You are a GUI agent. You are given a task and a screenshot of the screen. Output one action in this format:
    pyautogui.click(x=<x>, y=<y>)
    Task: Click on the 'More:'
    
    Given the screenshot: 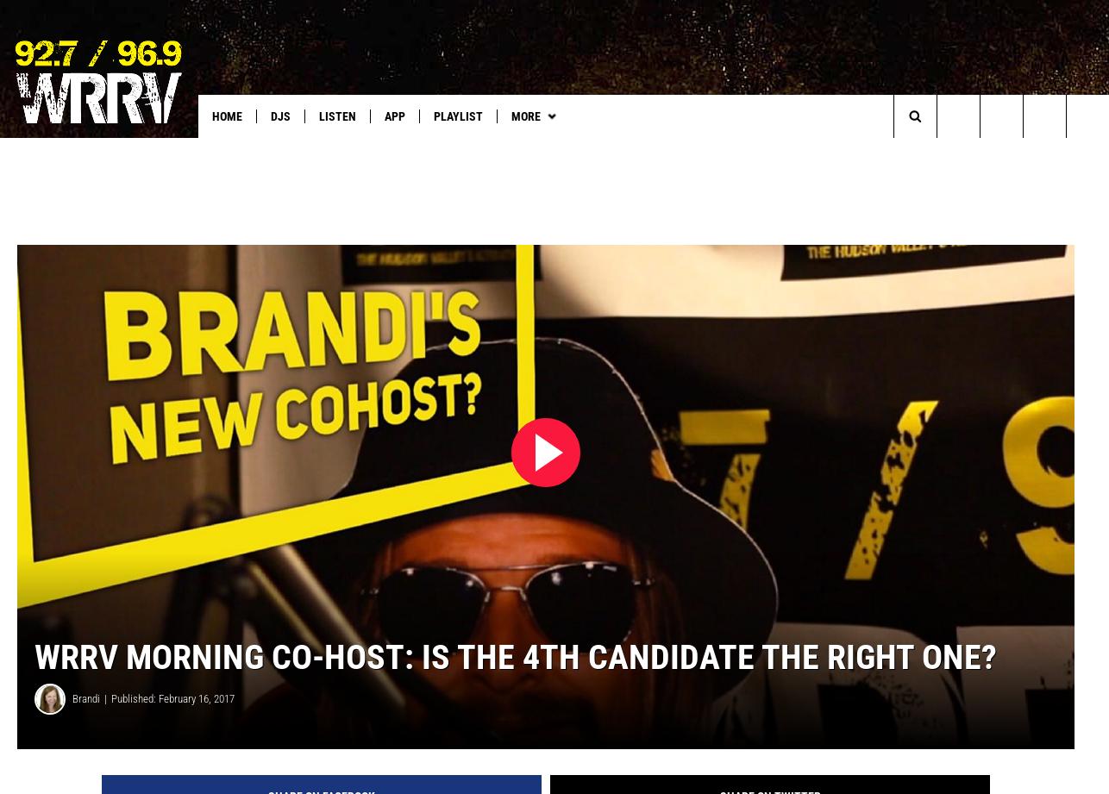 What is the action you would take?
    pyautogui.click(x=28, y=151)
    